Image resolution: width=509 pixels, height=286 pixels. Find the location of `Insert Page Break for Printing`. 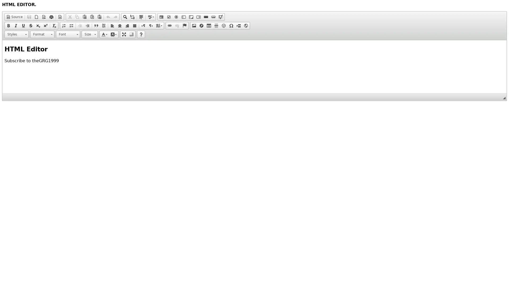

Insert Page Break for Printing is located at coordinates (238, 25).